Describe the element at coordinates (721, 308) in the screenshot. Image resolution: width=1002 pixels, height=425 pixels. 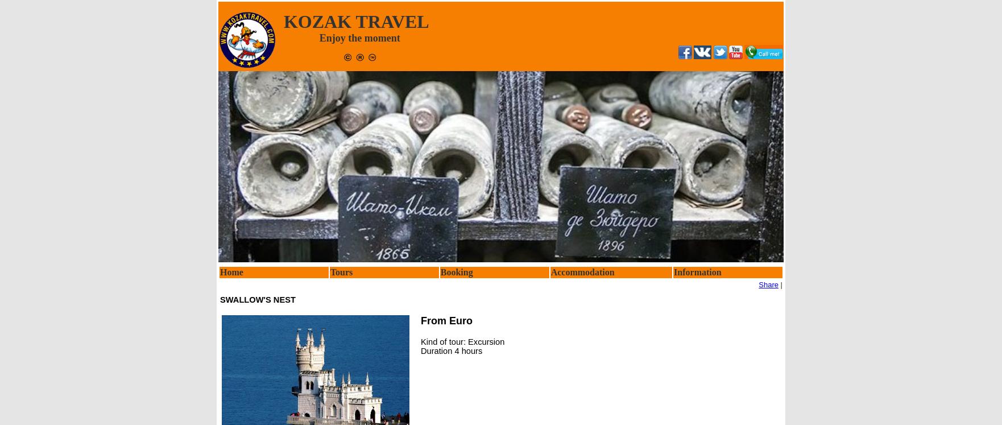
I see `'Travel, flights and Visa'` at that location.